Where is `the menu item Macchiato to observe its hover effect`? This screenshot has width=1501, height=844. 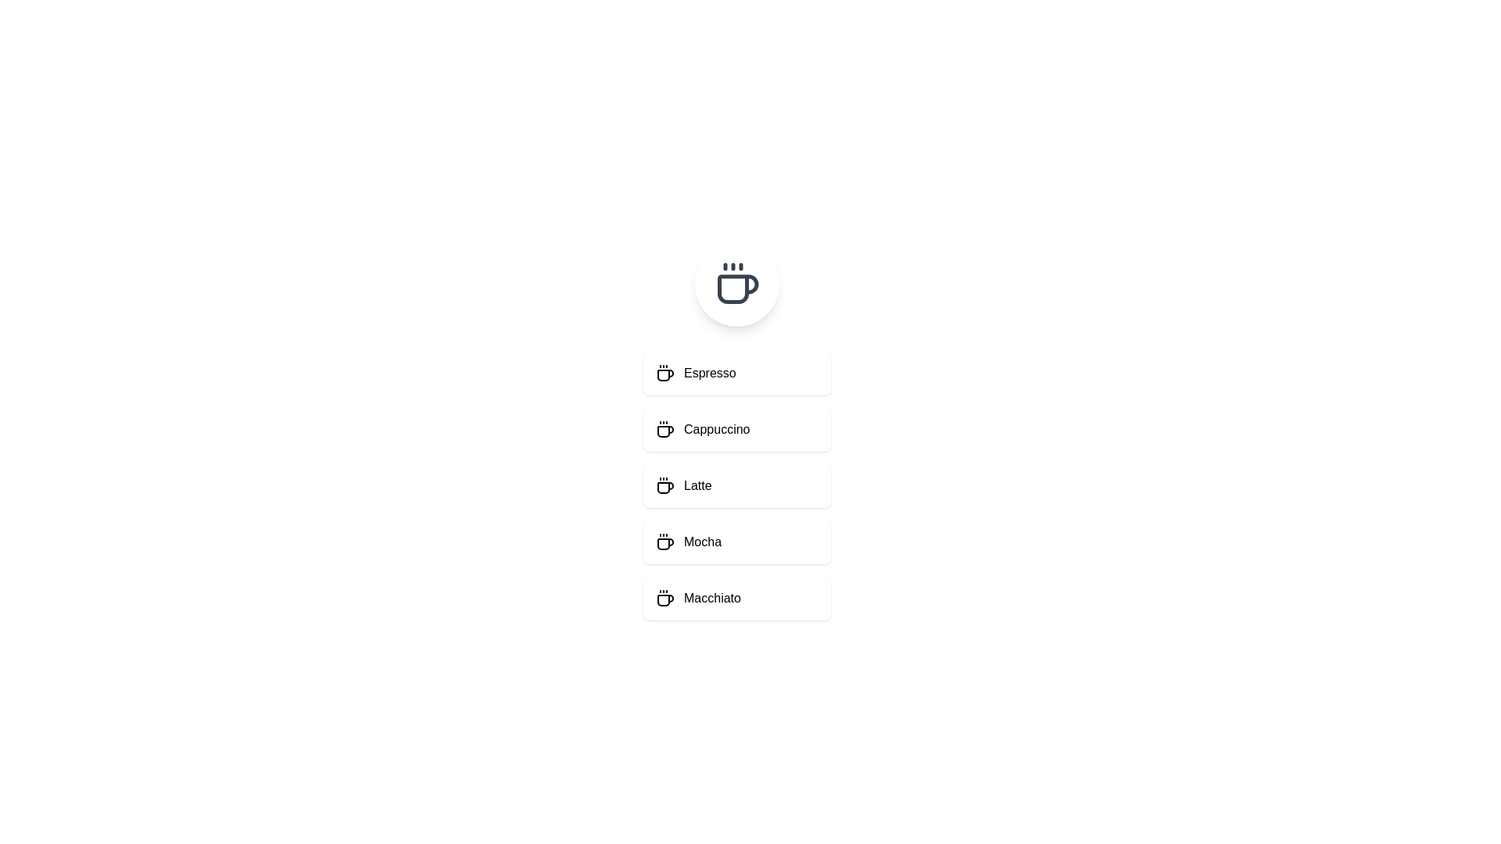 the menu item Macchiato to observe its hover effect is located at coordinates (736, 598).